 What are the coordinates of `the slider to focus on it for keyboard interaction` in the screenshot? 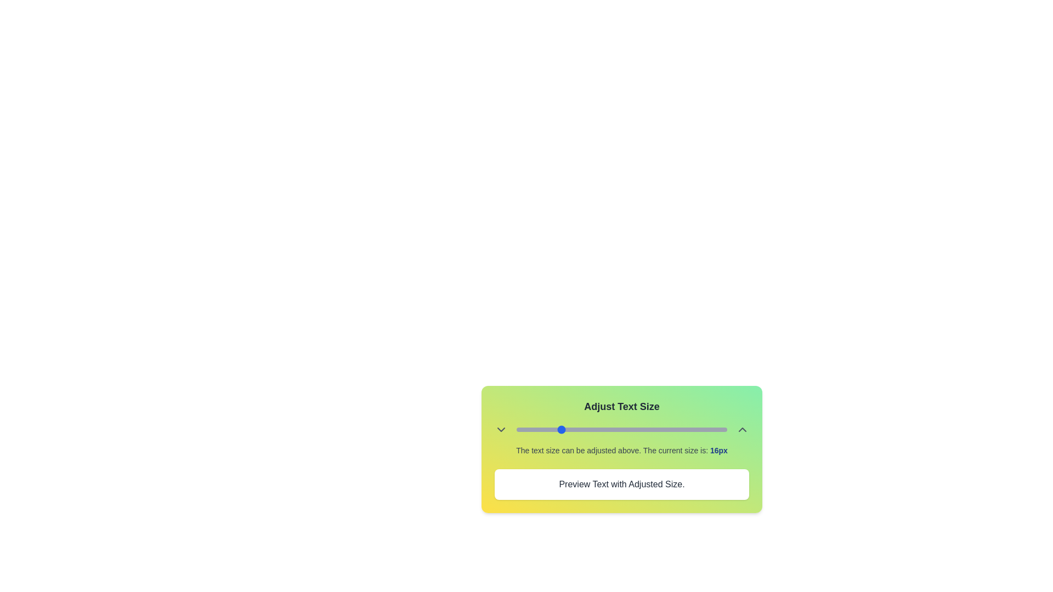 It's located at (621, 429).